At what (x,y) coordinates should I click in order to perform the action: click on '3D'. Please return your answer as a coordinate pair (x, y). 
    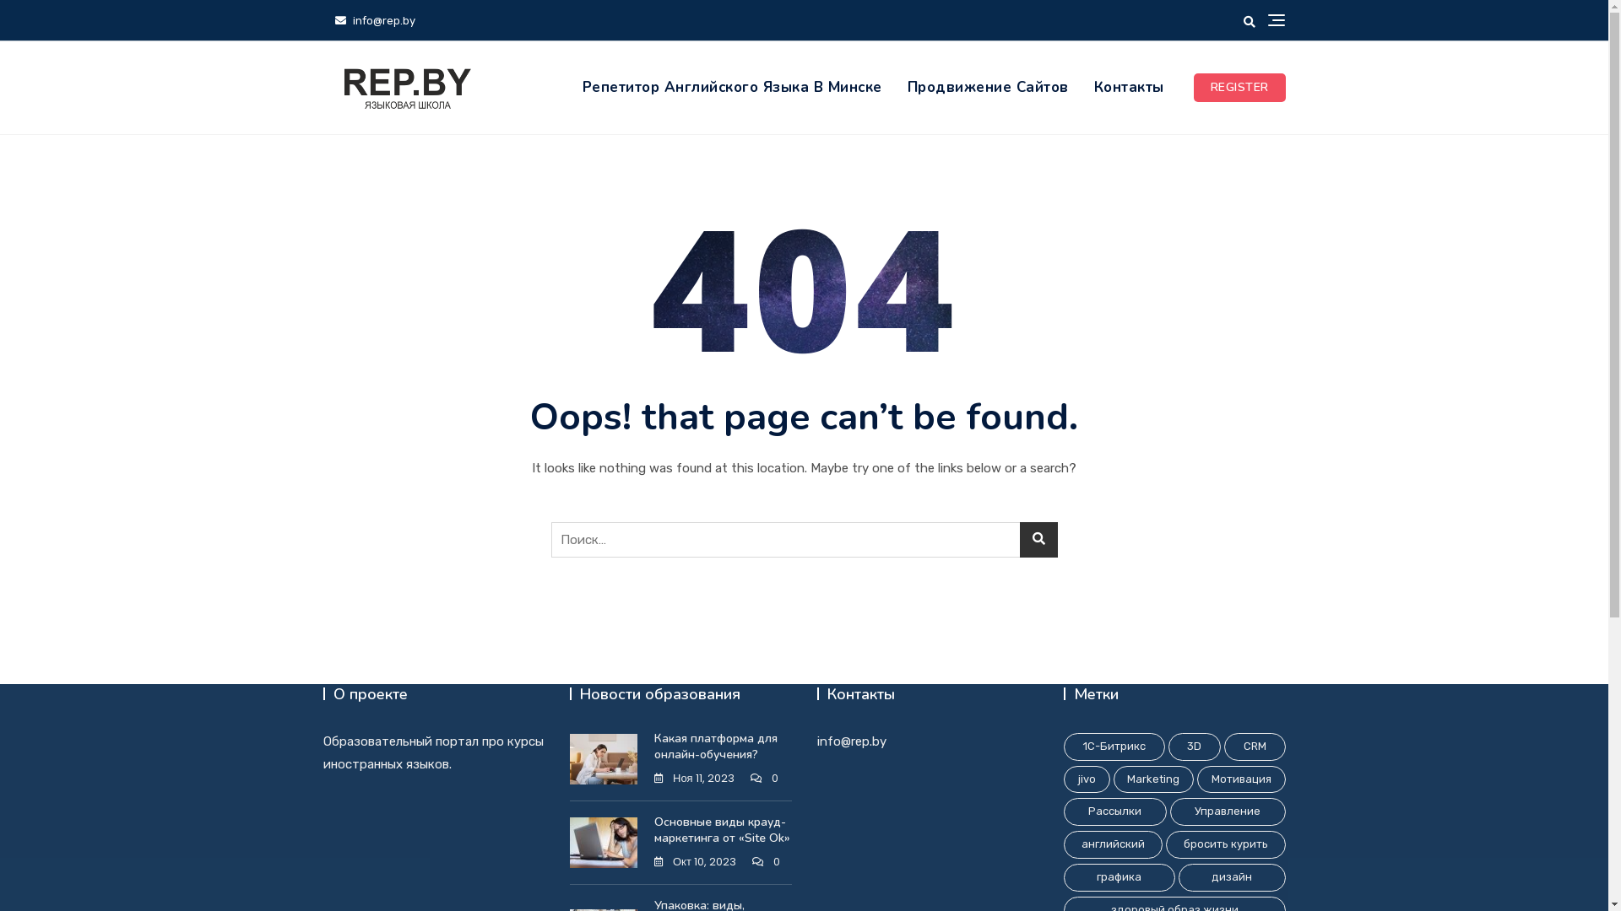
    Looking at the image, I should click on (1194, 746).